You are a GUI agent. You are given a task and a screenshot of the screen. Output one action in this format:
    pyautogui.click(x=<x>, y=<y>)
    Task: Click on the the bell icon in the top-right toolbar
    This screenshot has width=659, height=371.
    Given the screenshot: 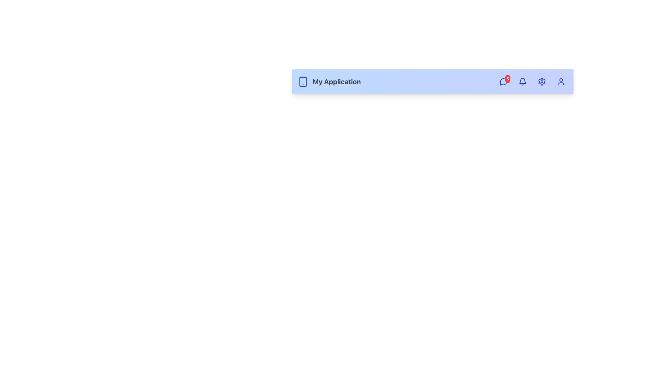 What is the action you would take?
    pyautogui.click(x=522, y=81)
    